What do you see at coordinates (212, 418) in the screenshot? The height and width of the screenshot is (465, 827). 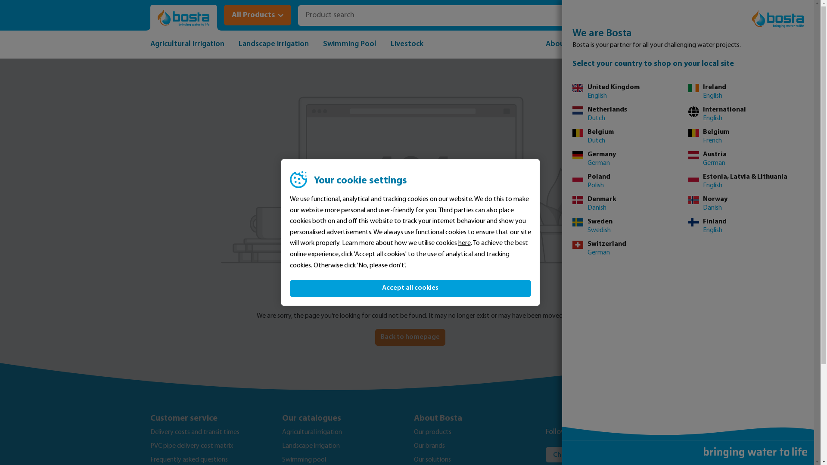 I see `'Customer service'` at bounding box center [212, 418].